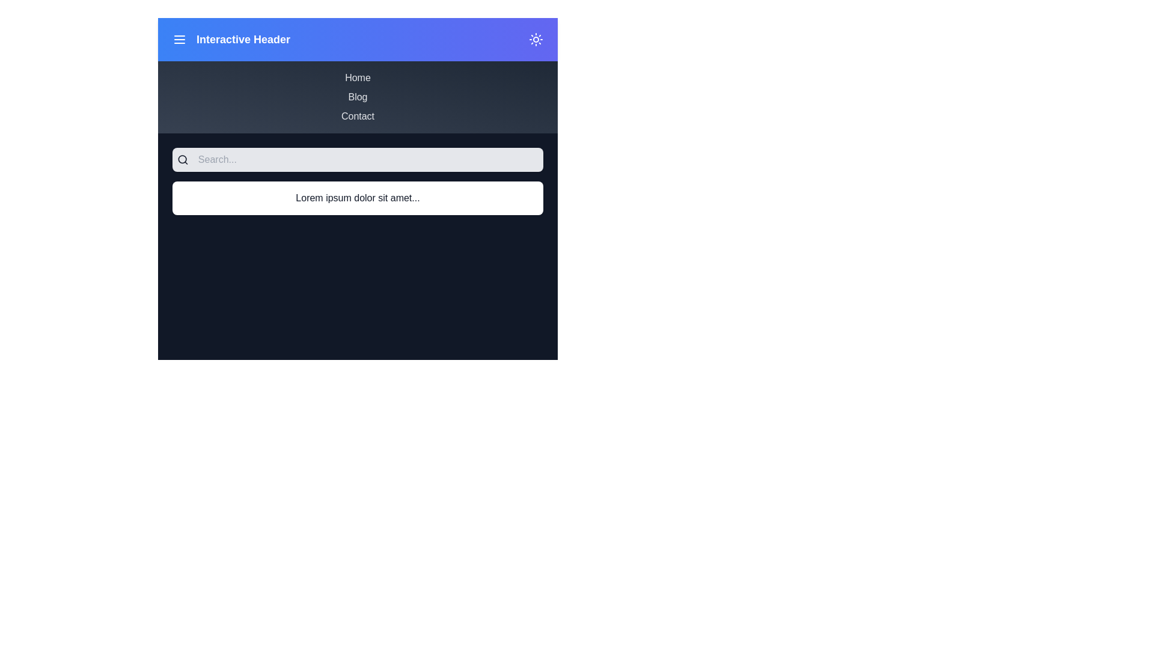  What do you see at coordinates (357, 116) in the screenshot?
I see `the menu item Contact from the menu` at bounding box center [357, 116].